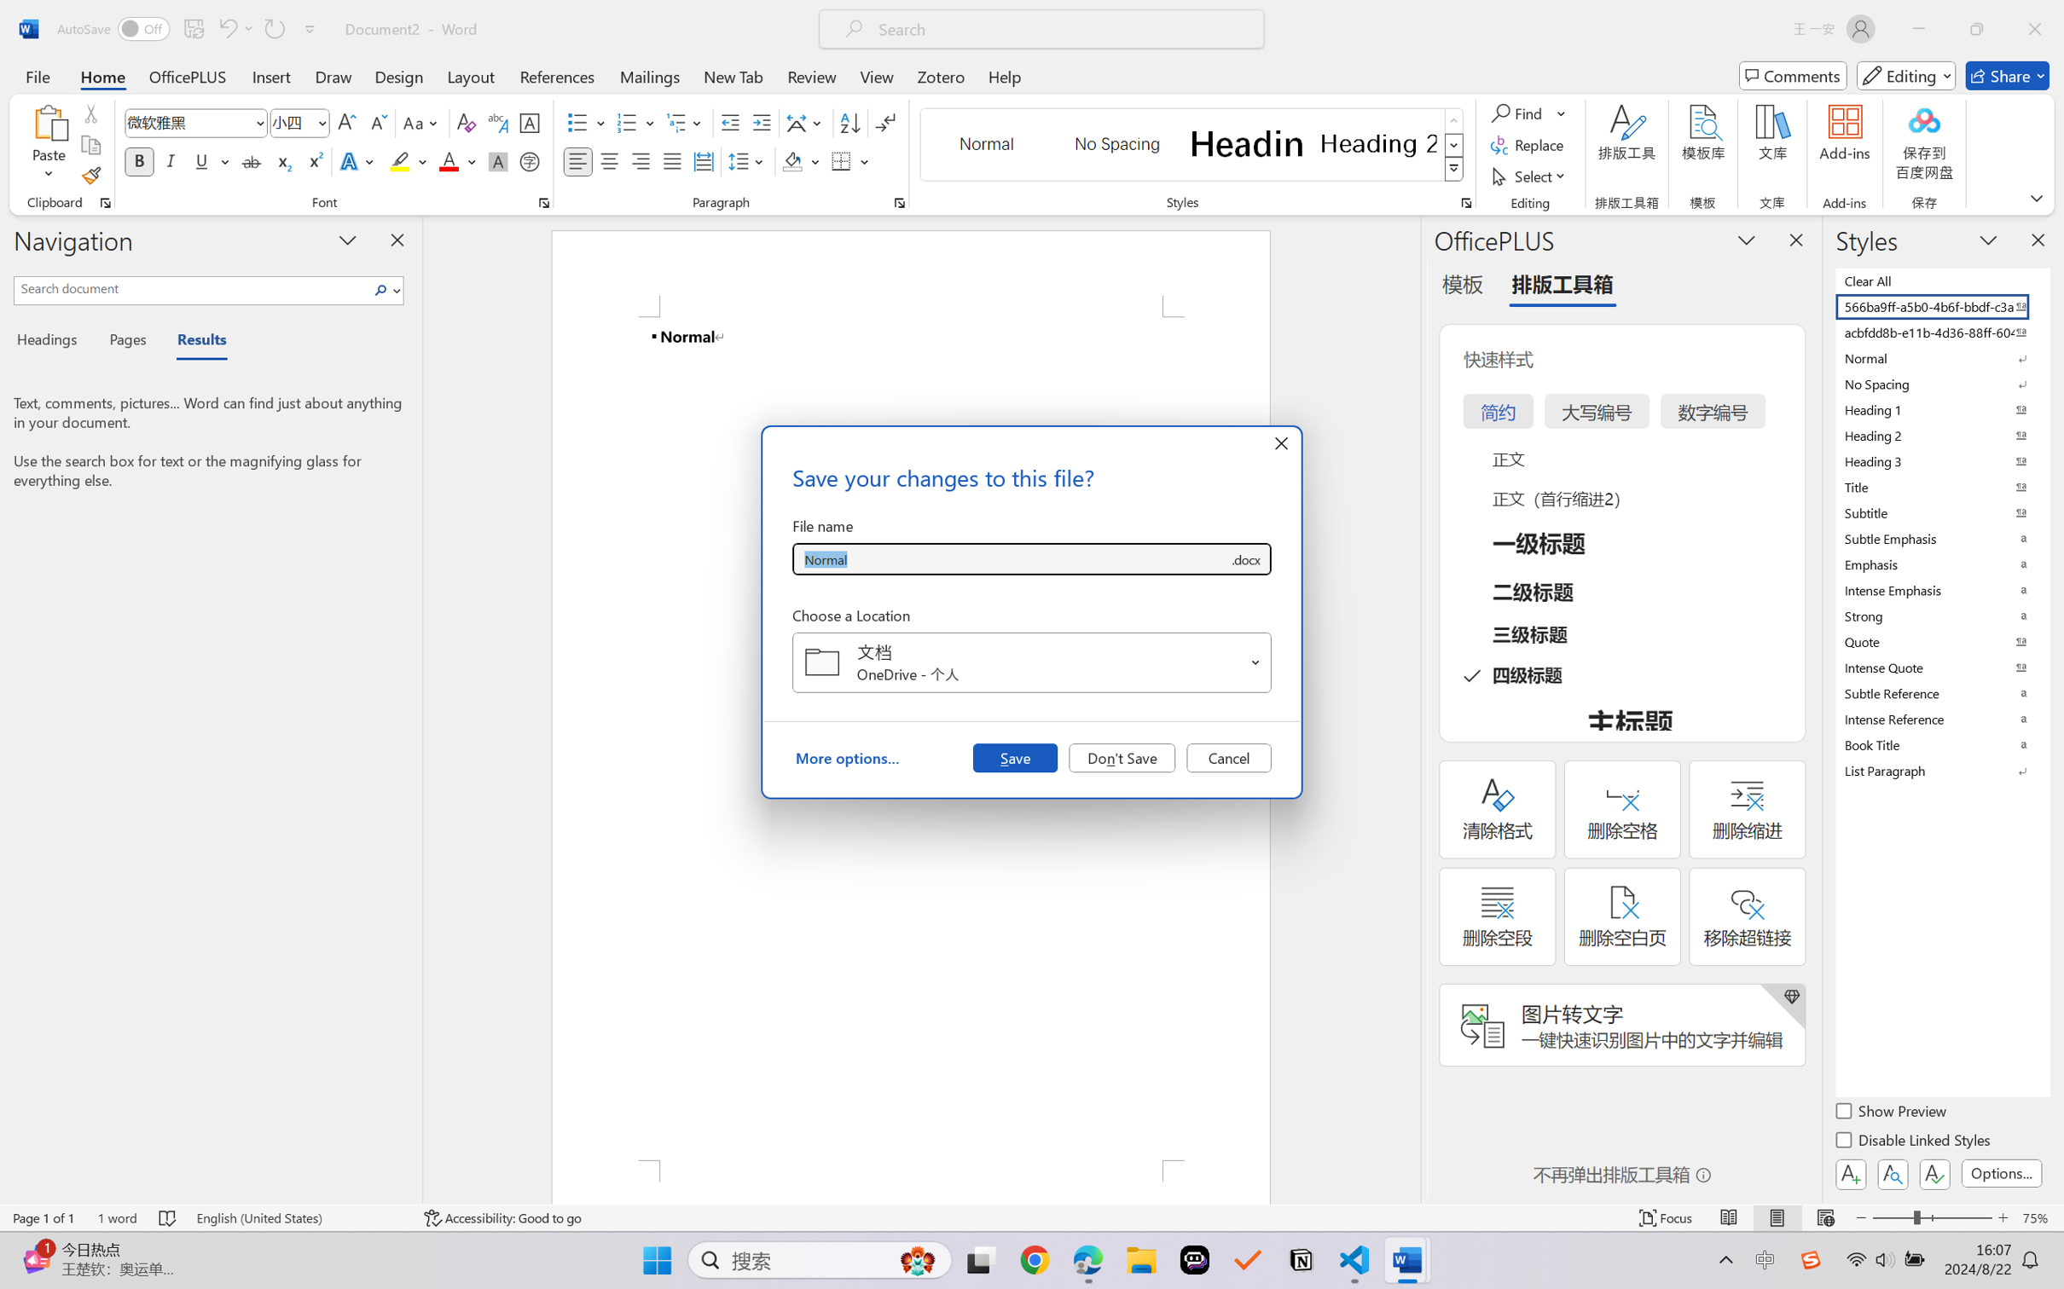  Describe the element at coordinates (1940, 331) in the screenshot. I see `'acbfdd8b-e11b-4d36-88ff-6049b138f862'` at that location.